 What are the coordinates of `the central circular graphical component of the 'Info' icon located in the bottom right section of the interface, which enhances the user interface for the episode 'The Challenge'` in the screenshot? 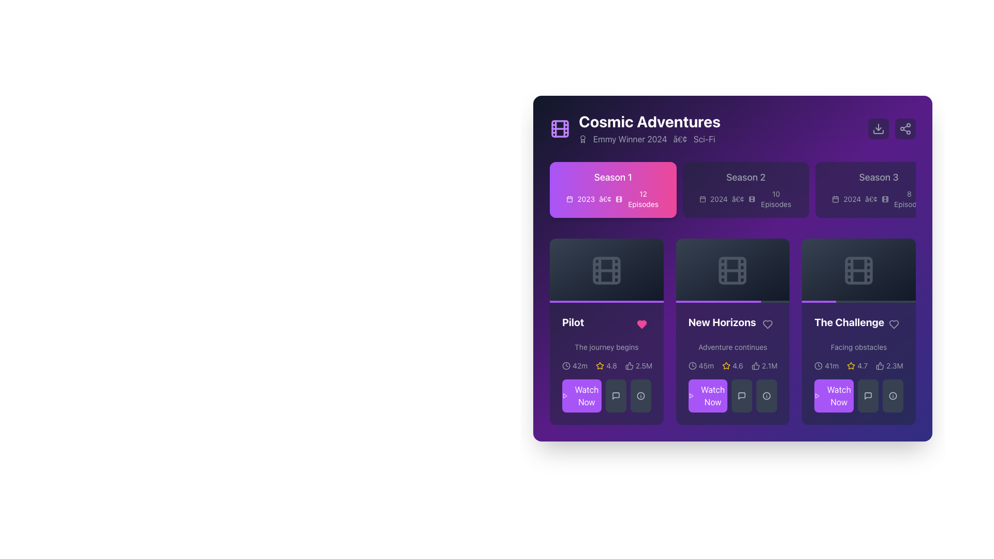 It's located at (892, 395).